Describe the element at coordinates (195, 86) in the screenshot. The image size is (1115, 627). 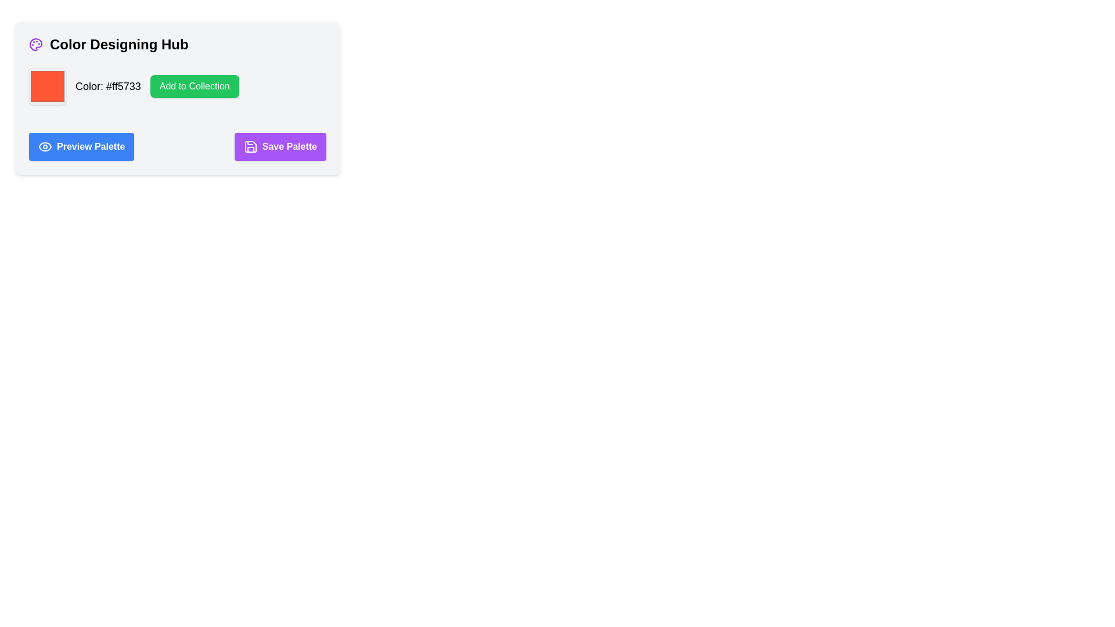
I see `the button used` at that location.